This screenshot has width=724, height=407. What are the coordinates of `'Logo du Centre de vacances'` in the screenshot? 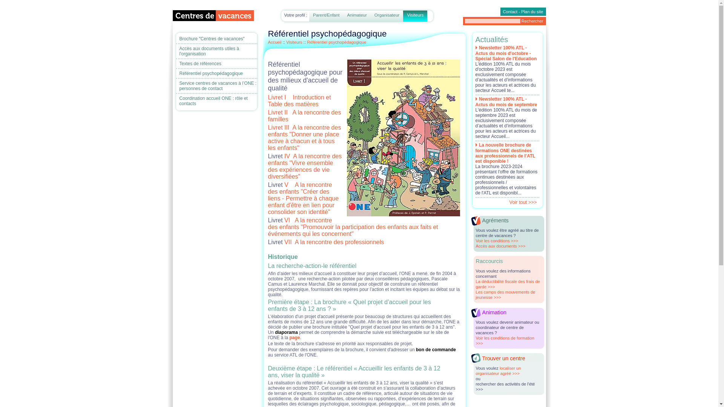 It's located at (213, 15).